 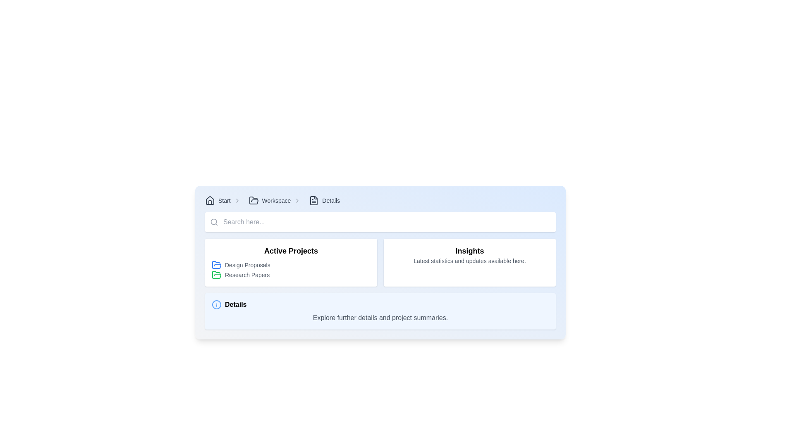 What do you see at coordinates (331, 201) in the screenshot?
I see `the navigational text link in the breadcrumb navigation bar` at bounding box center [331, 201].